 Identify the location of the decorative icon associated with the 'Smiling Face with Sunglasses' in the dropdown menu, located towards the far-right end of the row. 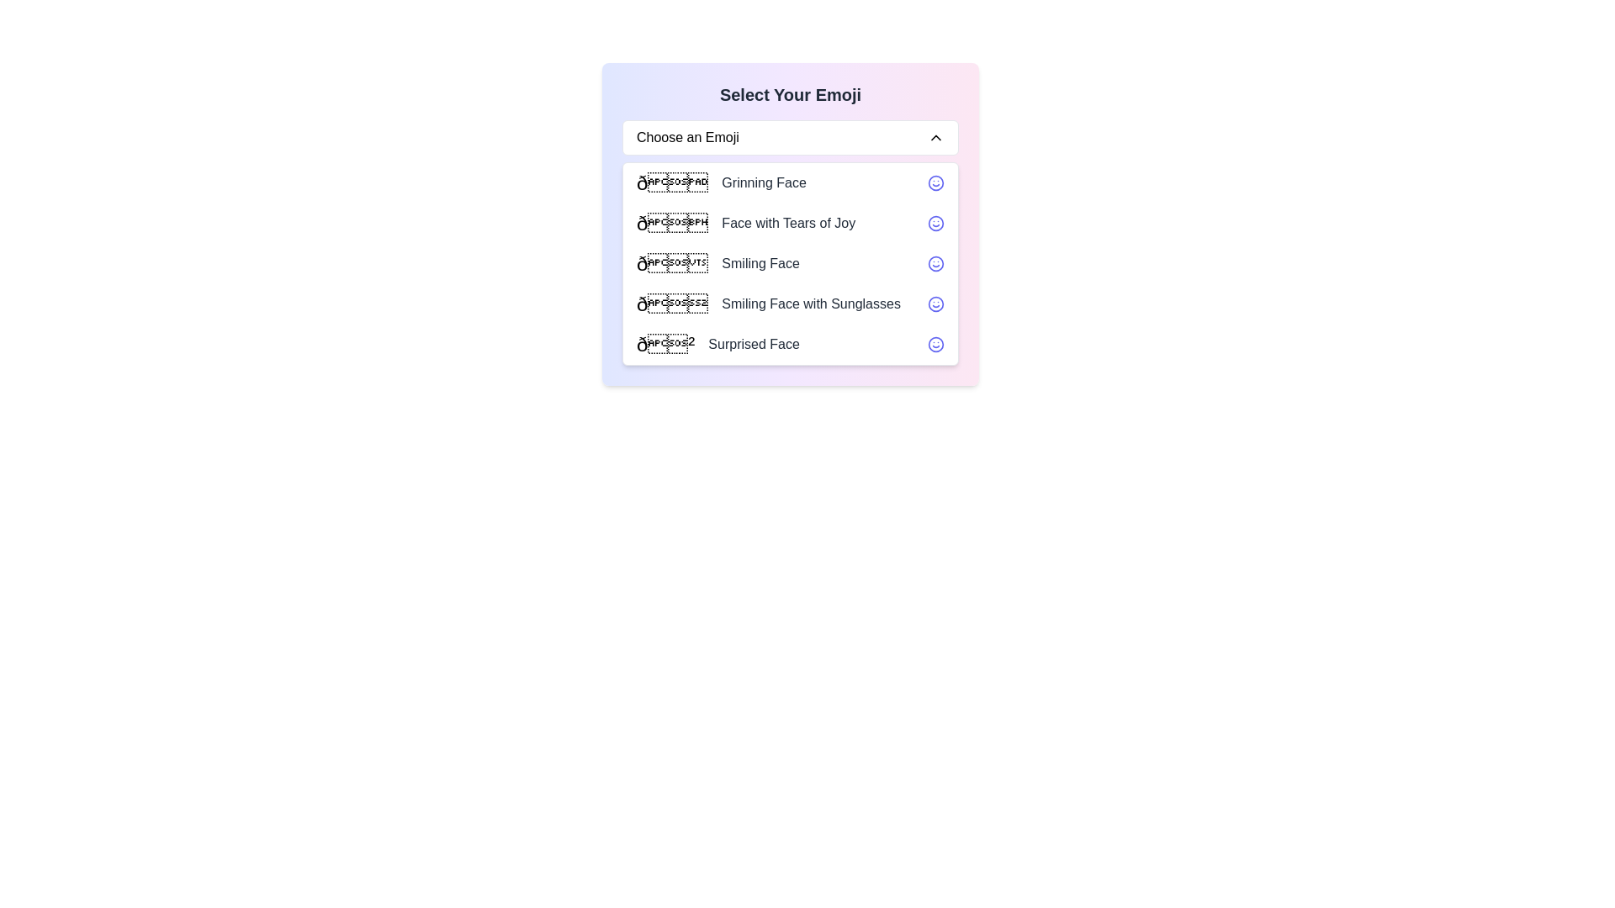
(935, 304).